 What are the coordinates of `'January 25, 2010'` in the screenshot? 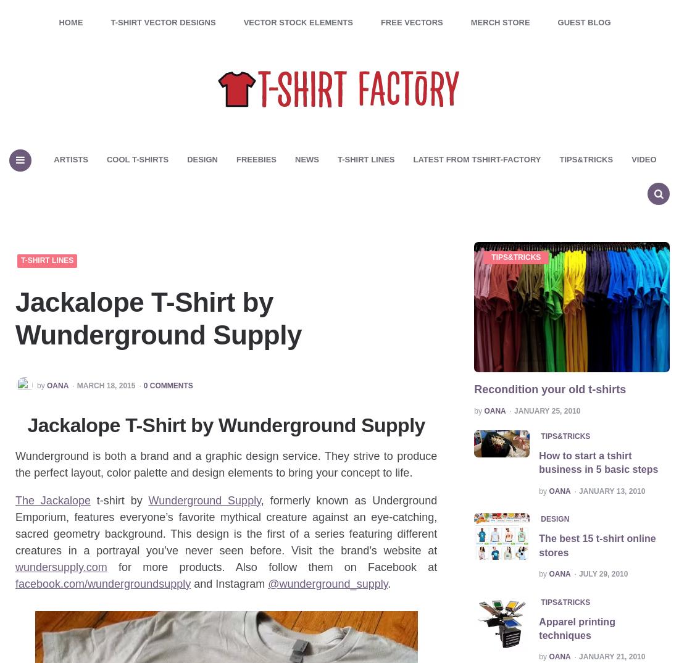 It's located at (514, 410).